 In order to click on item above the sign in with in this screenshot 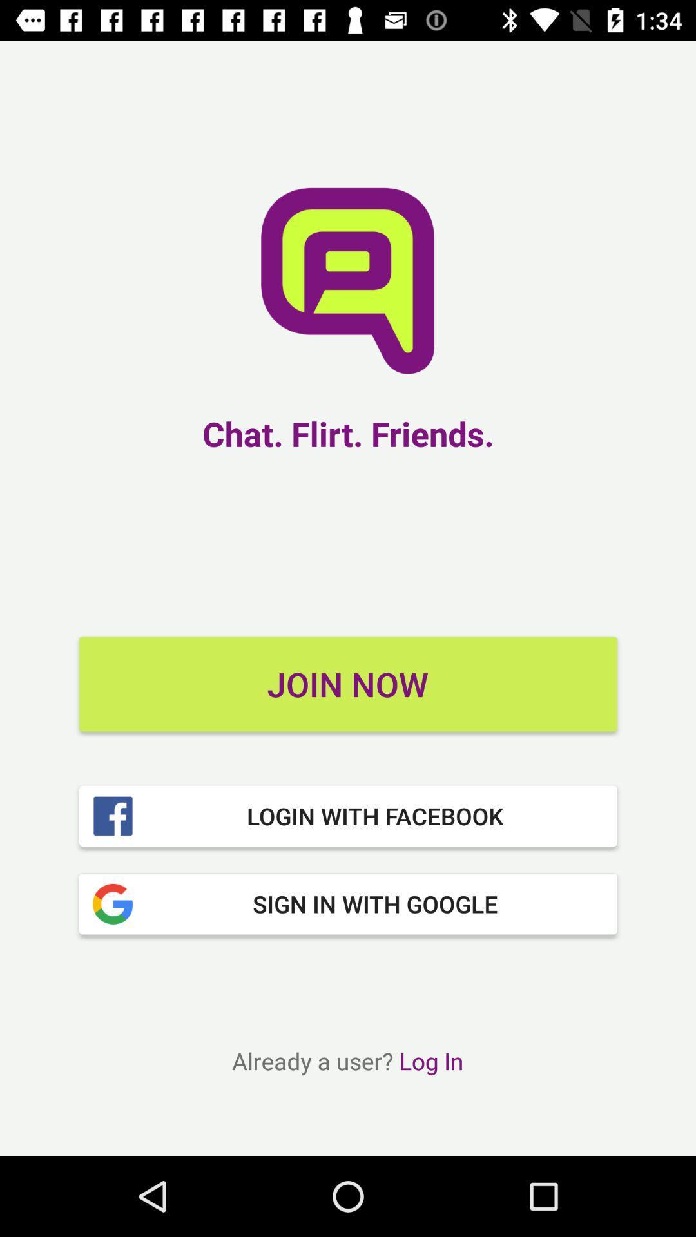, I will do `click(348, 815)`.